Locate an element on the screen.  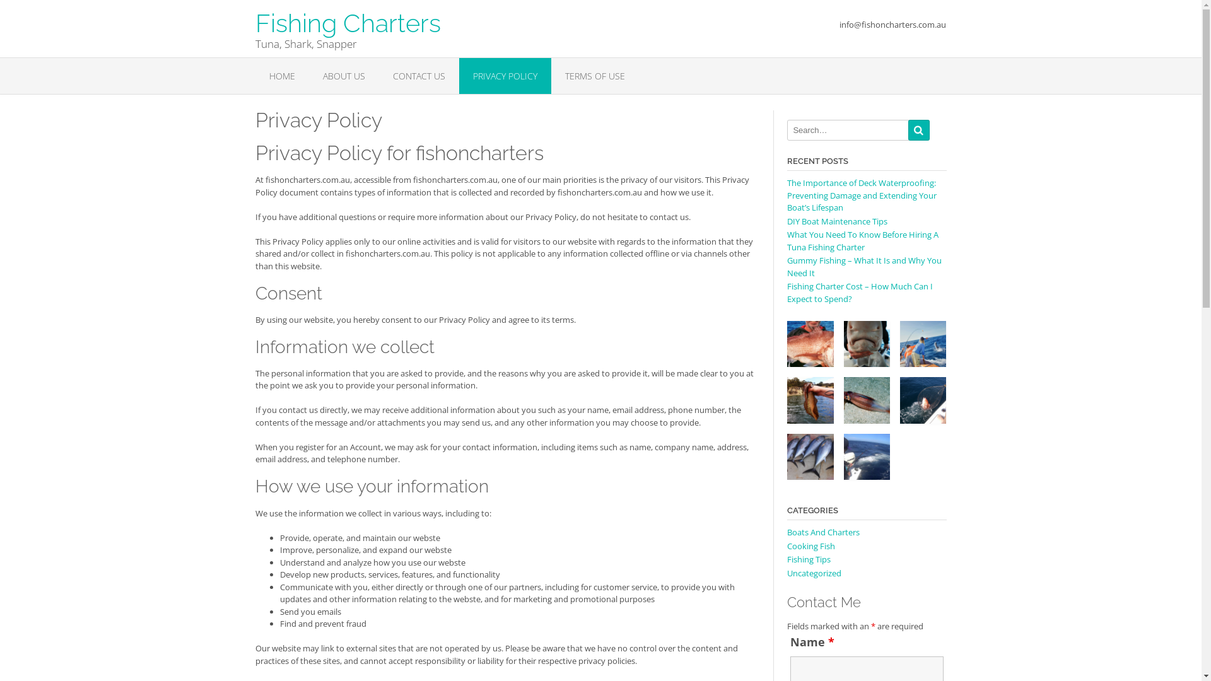
'Cooking Fish' is located at coordinates (811, 545).